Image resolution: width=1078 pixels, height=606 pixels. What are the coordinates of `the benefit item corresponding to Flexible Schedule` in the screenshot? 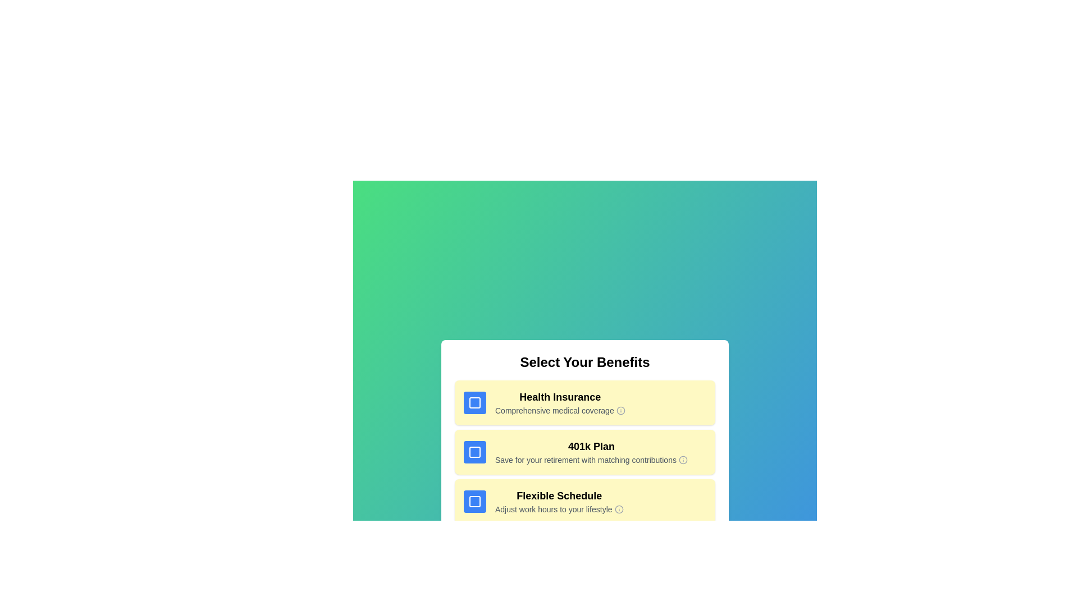 It's located at (584, 501).